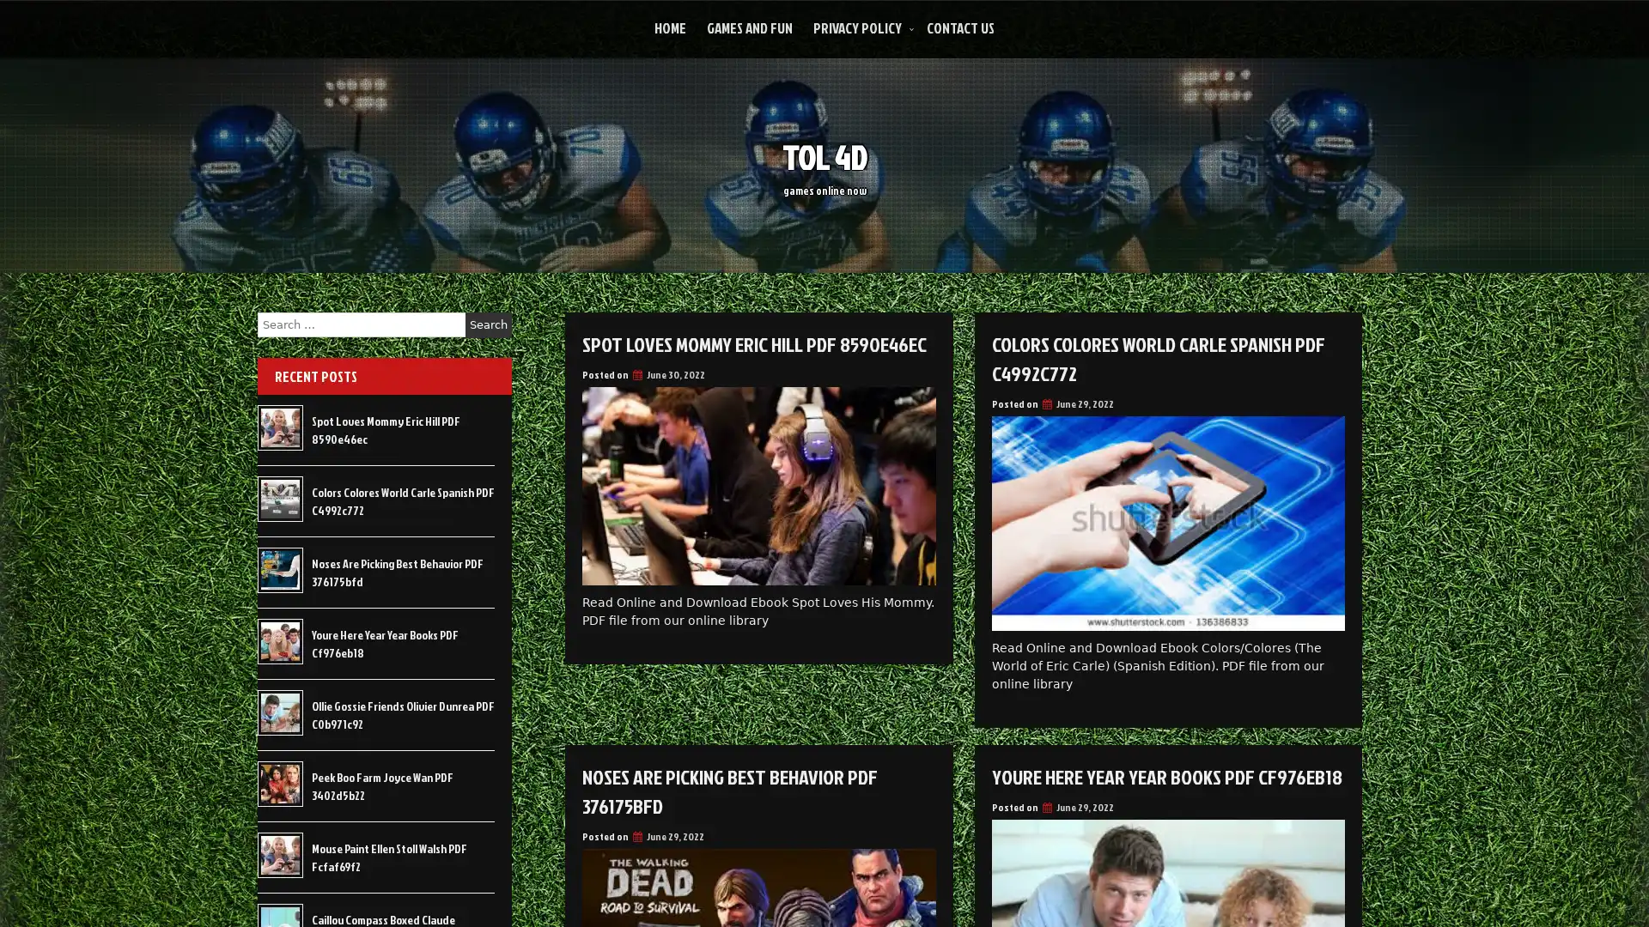  What do you see at coordinates (488, 324) in the screenshot?
I see `Search` at bounding box center [488, 324].